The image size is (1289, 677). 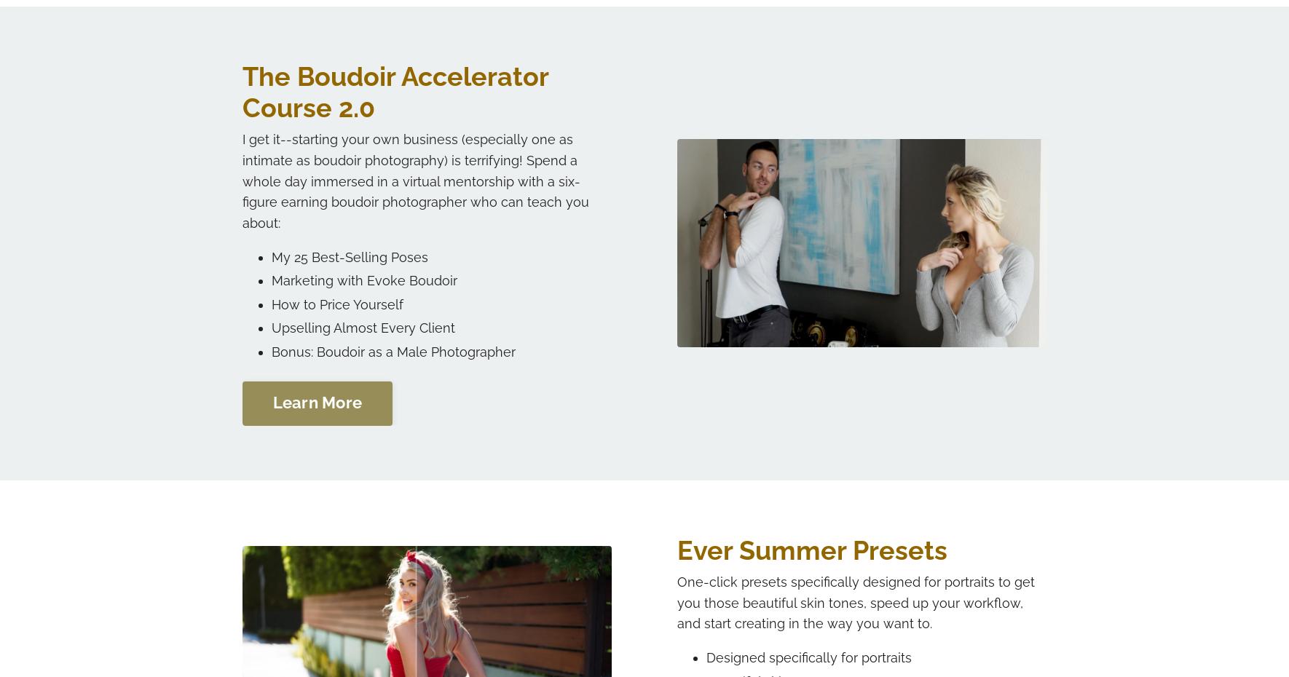 What do you see at coordinates (270, 304) in the screenshot?
I see `'How to Price Yourself'` at bounding box center [270, 304].